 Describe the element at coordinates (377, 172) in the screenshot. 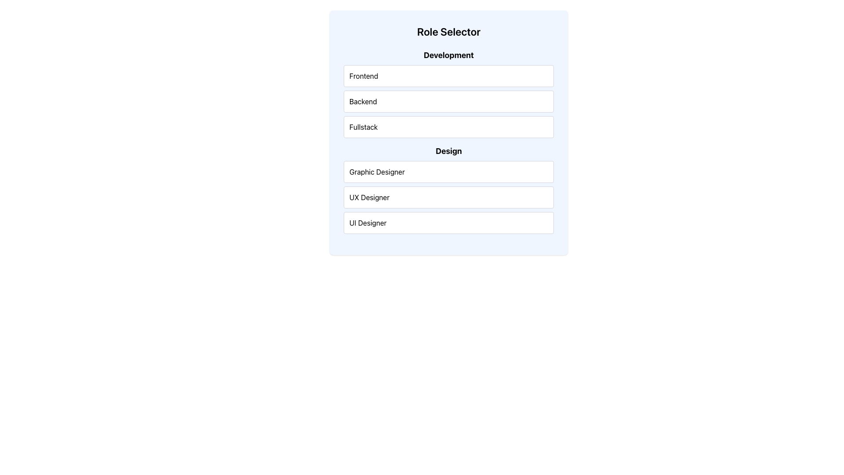

I see `the 'Graphic Designer' text label, which is the first label in the 'Design' section of the 'Role Selector' interface, displayed in black font on a white box with rounded corners and a light gray border` at that location.